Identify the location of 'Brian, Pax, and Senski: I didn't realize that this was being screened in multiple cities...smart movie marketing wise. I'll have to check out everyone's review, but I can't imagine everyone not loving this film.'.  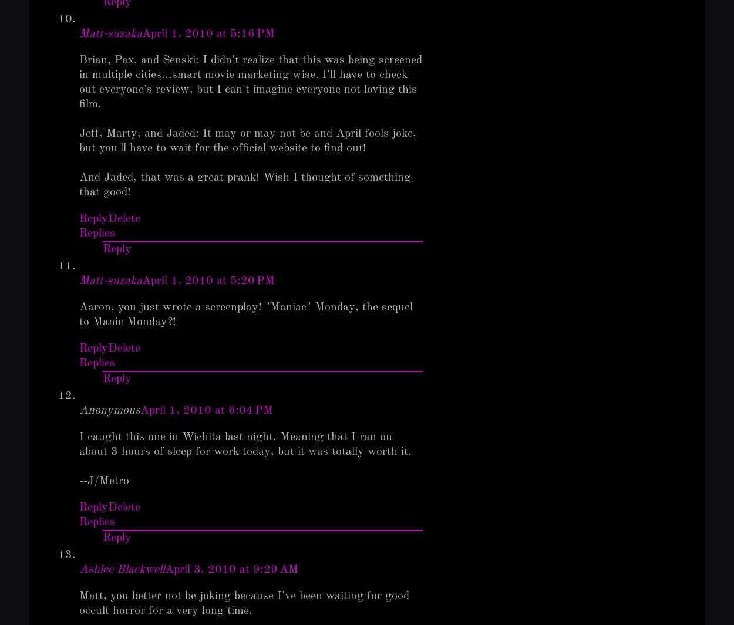
(251, 82).